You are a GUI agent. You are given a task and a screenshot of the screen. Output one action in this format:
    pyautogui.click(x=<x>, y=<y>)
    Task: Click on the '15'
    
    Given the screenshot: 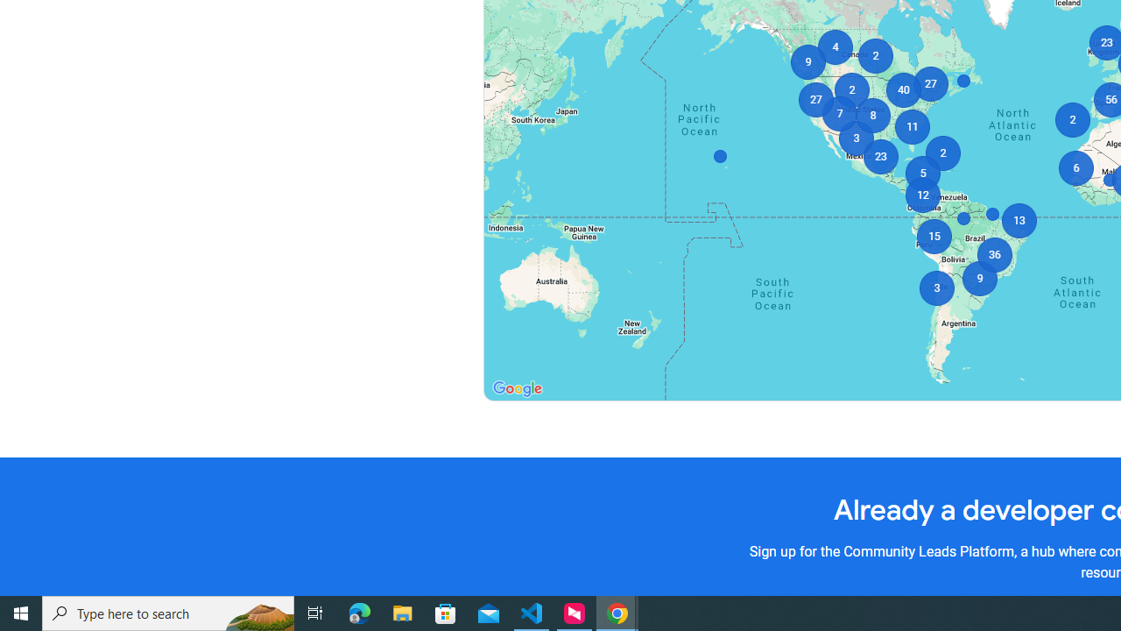 What is the action you would take?
    pyautogui.click(x=933, y=237)
    